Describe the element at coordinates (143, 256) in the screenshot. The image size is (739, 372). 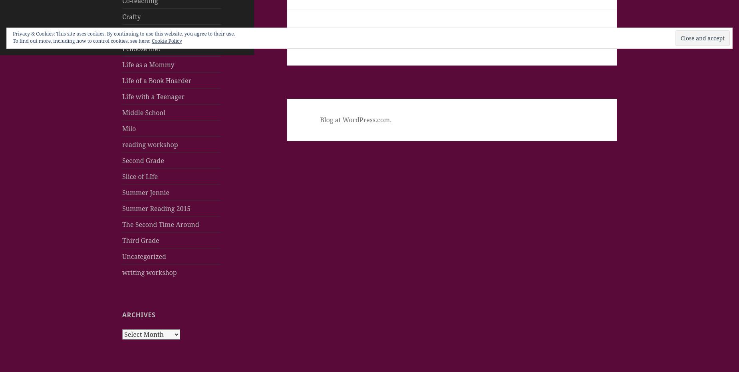
I see `'Uncategorized'` at that location.